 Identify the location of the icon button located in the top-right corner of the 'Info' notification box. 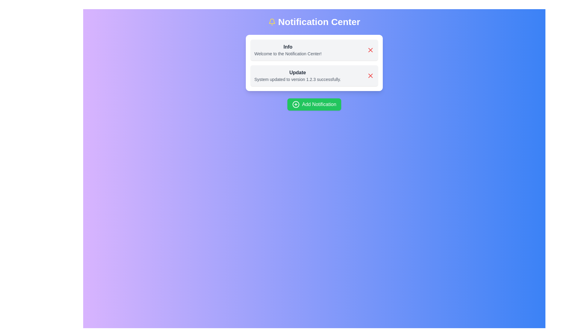
(370, 50).